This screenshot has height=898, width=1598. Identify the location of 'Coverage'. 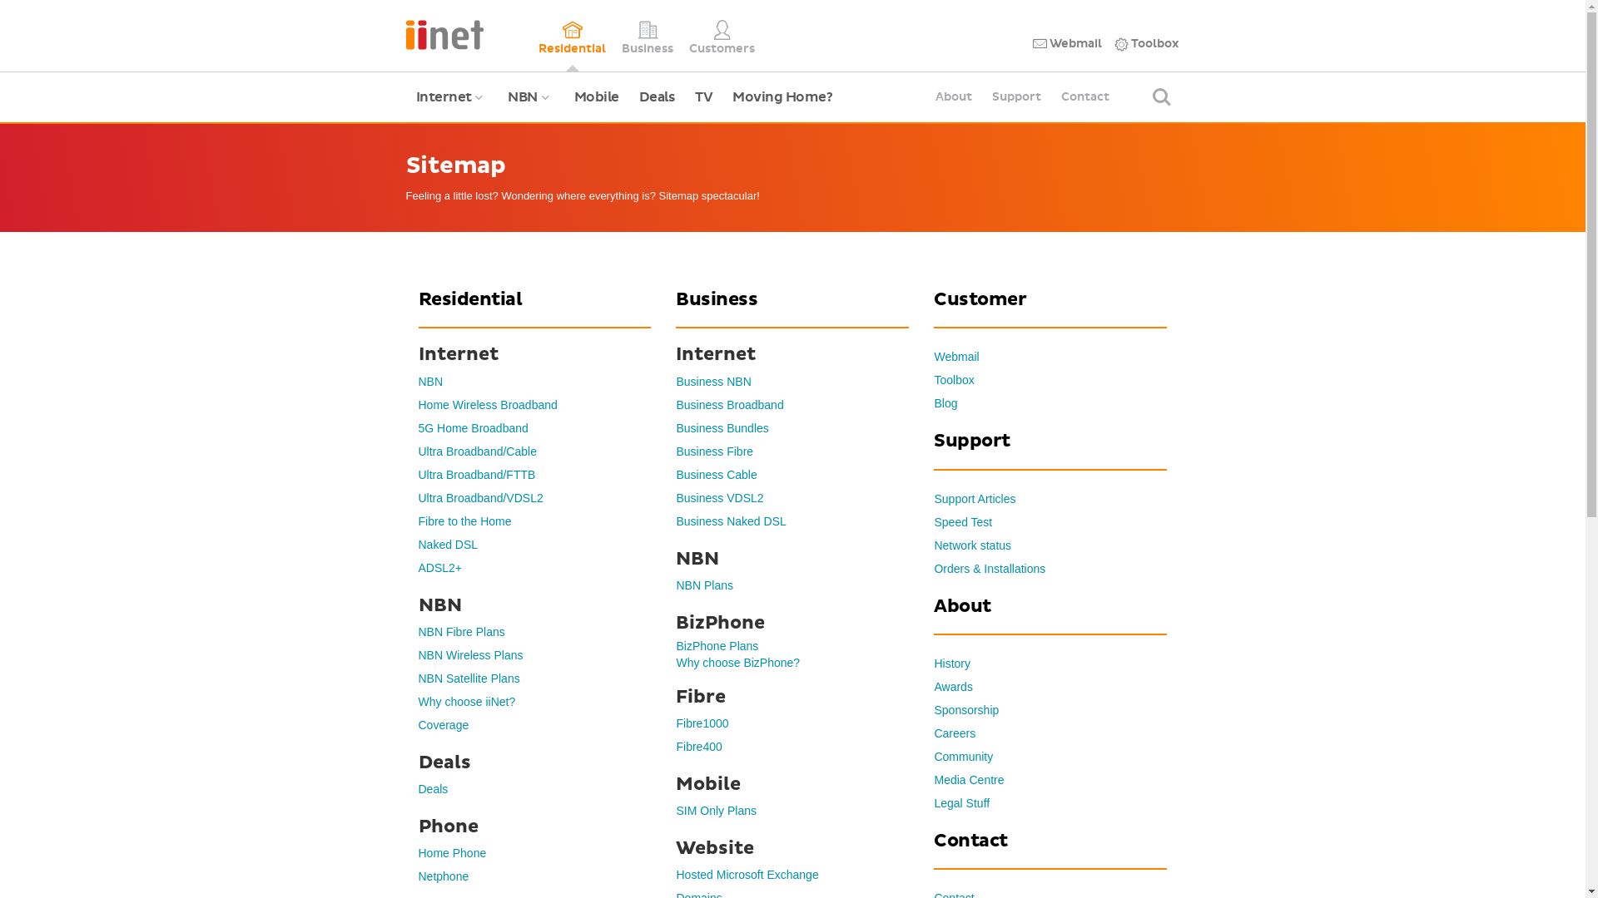
(418, 723).